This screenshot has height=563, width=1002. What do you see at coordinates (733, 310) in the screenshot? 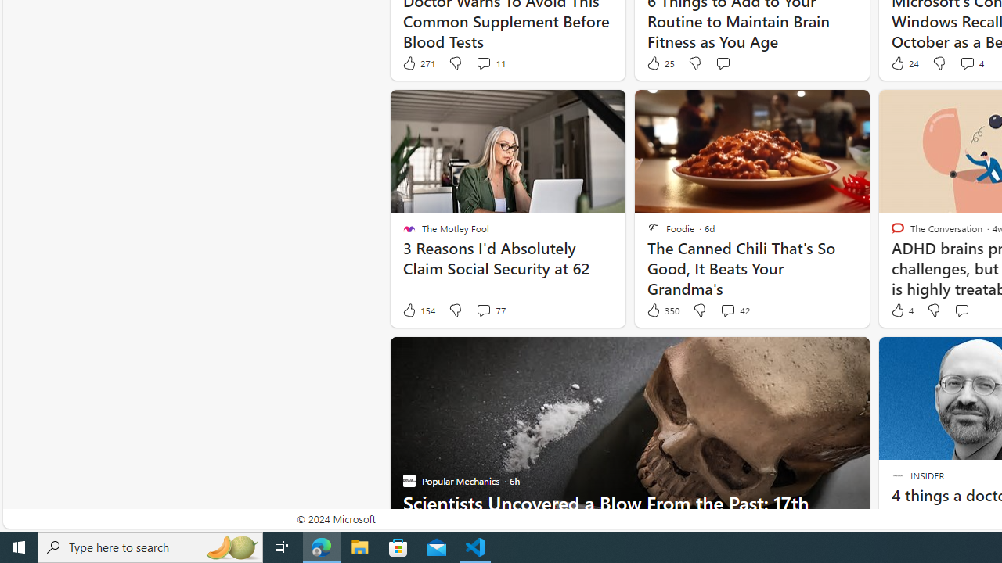
I see `'View comments 42 Comment'` at bounding box center [733, 310].